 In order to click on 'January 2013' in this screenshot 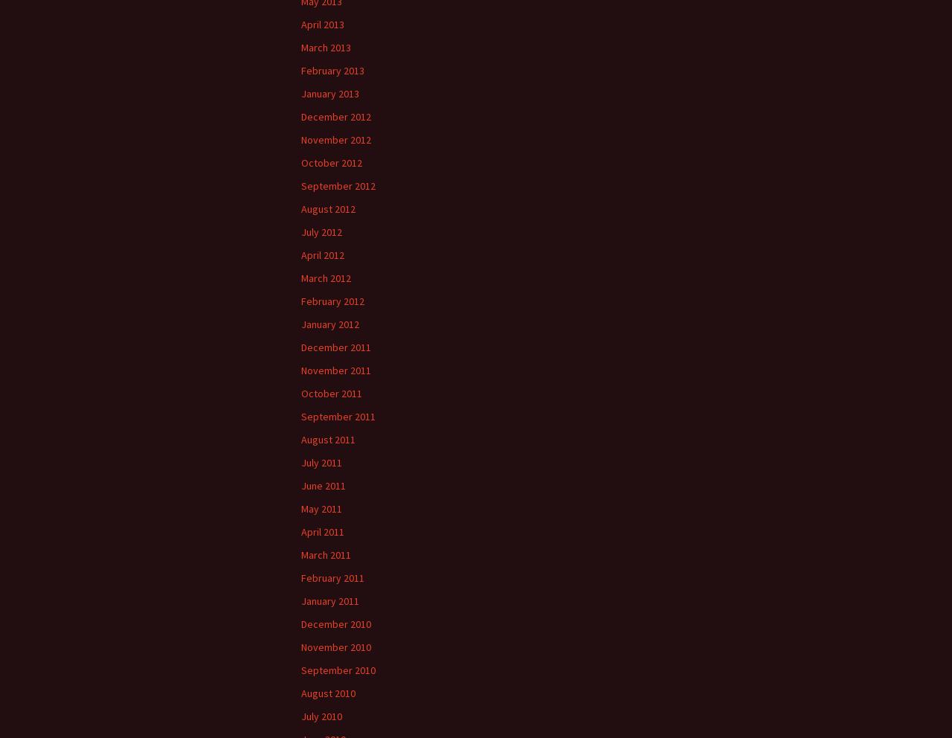, I will do `click(329, 93)`.